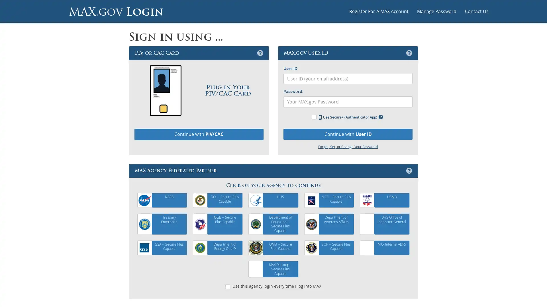  I want to click on Continue with User ID, so click(347, 134).